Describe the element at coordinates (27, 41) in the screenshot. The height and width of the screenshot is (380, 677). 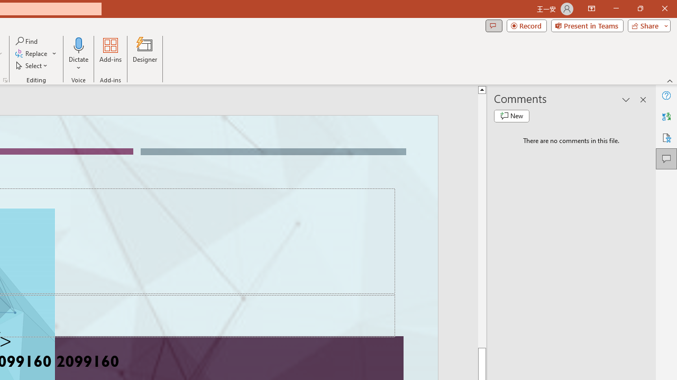
I see `'Find...'` at that location.